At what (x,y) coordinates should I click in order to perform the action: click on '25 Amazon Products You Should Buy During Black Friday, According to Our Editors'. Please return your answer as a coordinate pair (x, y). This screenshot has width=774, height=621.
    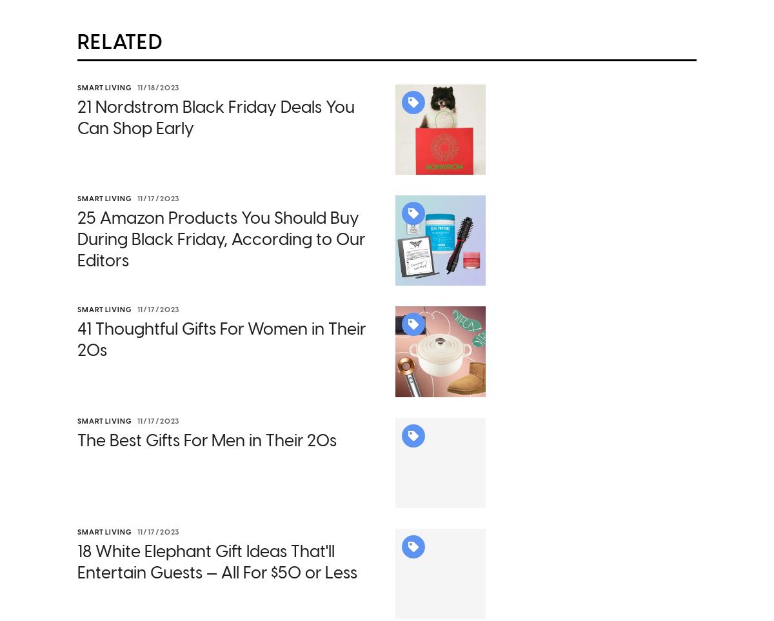
    Looking at the image, I should click on (77, 257).